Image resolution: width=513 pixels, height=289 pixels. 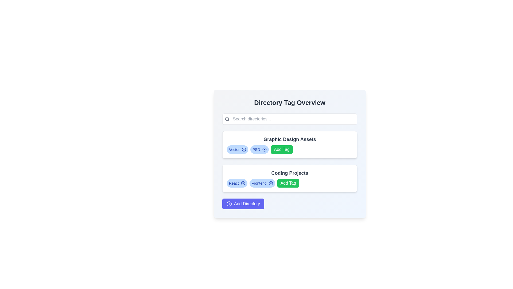 I want to click on the first tag labeled 'React' within the 'Coding Projects' section, so click(x=237, y=183).